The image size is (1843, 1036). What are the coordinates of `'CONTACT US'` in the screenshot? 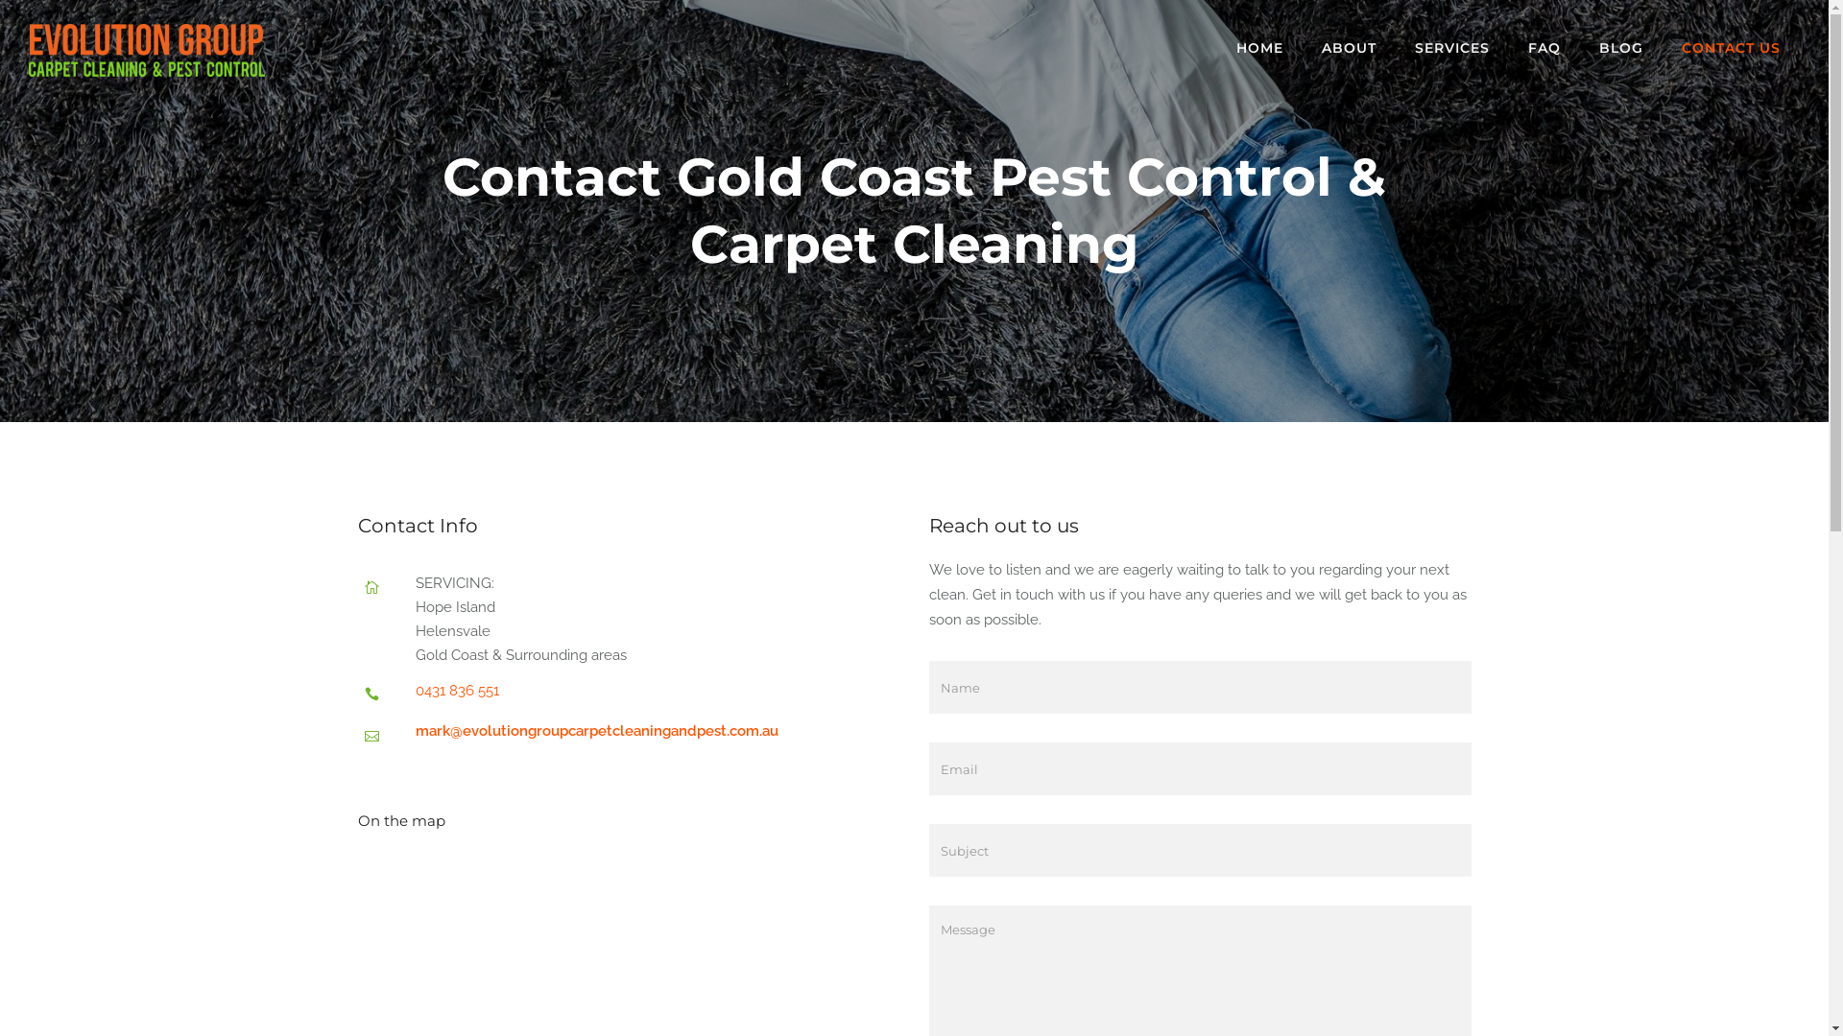 It's located at (1731, 47).